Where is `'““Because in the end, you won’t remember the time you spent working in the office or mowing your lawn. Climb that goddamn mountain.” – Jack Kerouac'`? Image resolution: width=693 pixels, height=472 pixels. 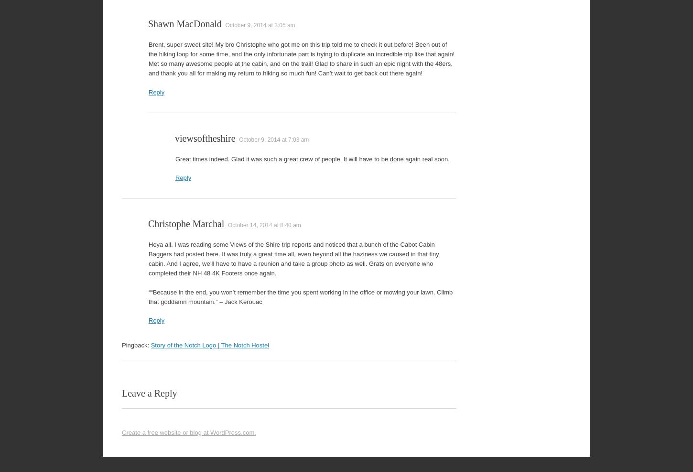
'““Because in the end, you won’t remember the time you spent working in the office or mowing your lawn. Climb that goddamn mountain.” – Jack Kerouac' is located at coordinates (149, 296).